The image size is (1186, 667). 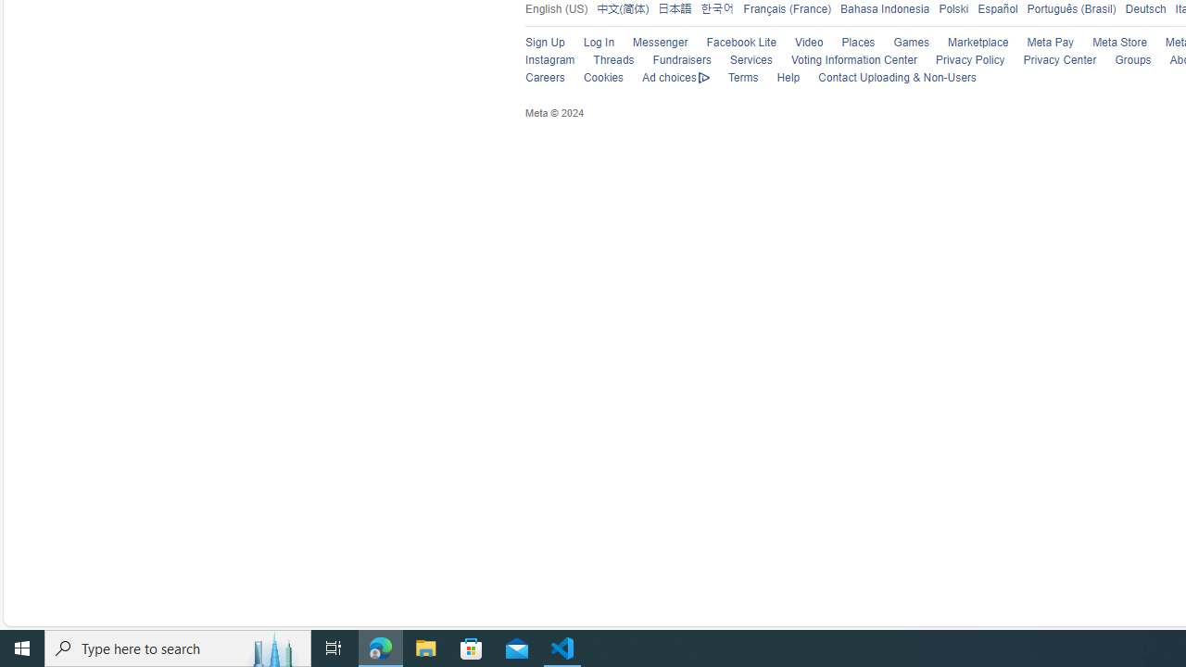 What do you see at coordinates (741, 60) in the screenshot?
I see `'Services'` at bounding box center [741, 60].